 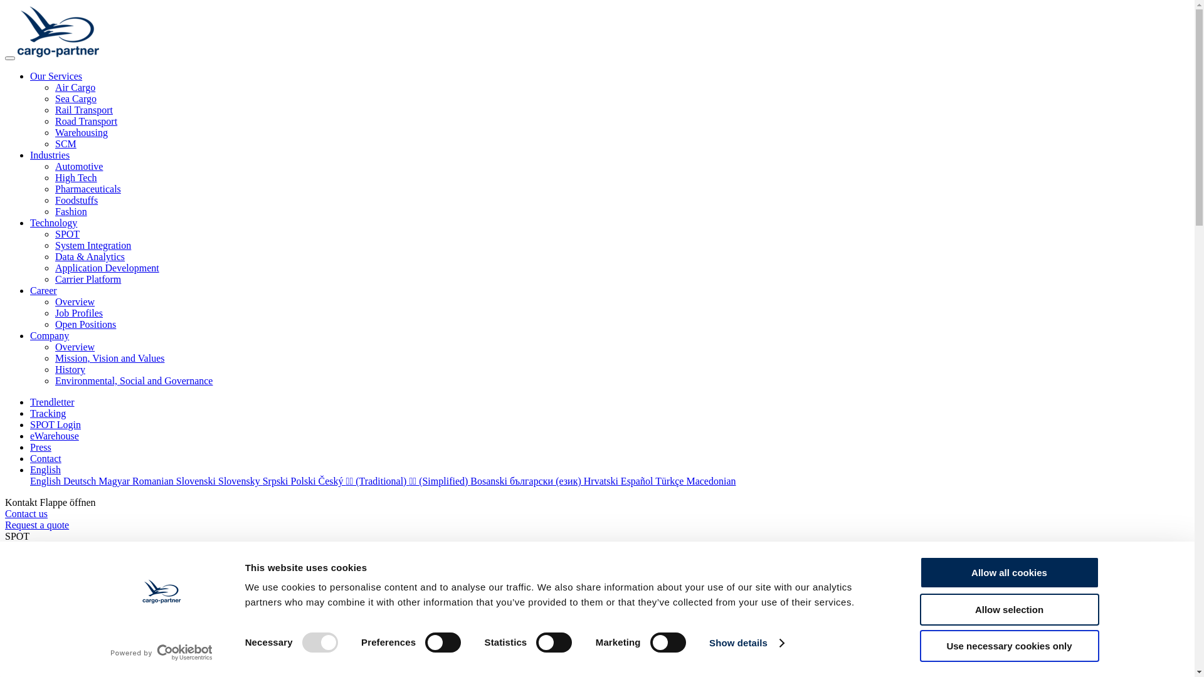 What do you see at coordinates (55, 76) in the screenshot?
I see `'Our Services'` at bounding box center [55, 76].